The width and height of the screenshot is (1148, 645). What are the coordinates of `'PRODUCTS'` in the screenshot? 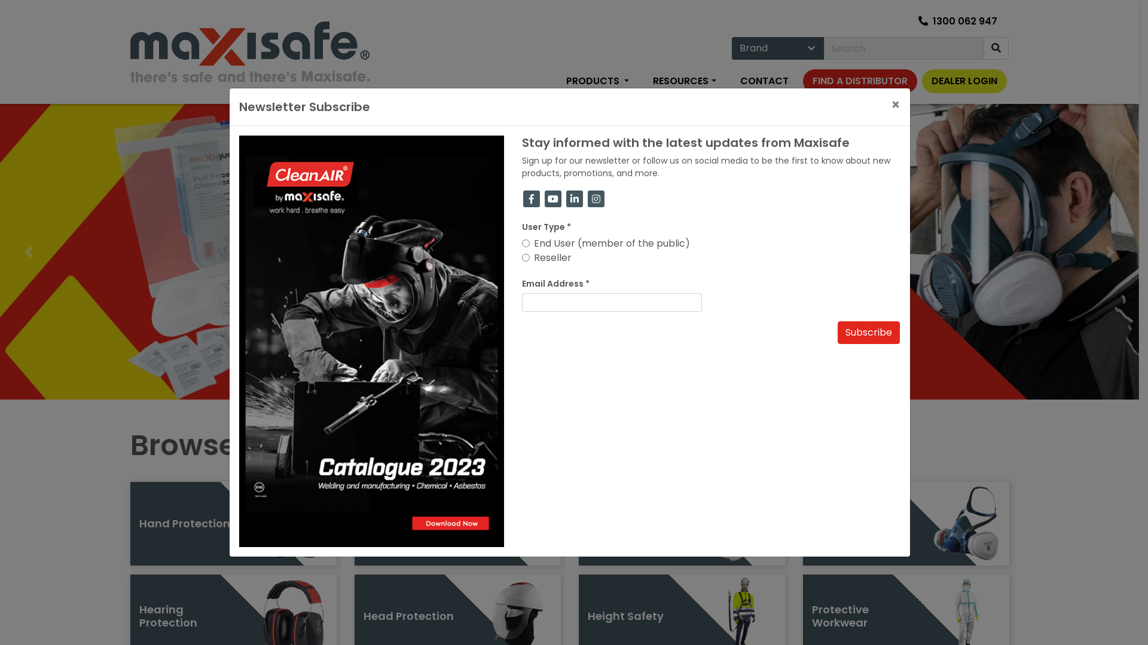 It's located at (556, 81).